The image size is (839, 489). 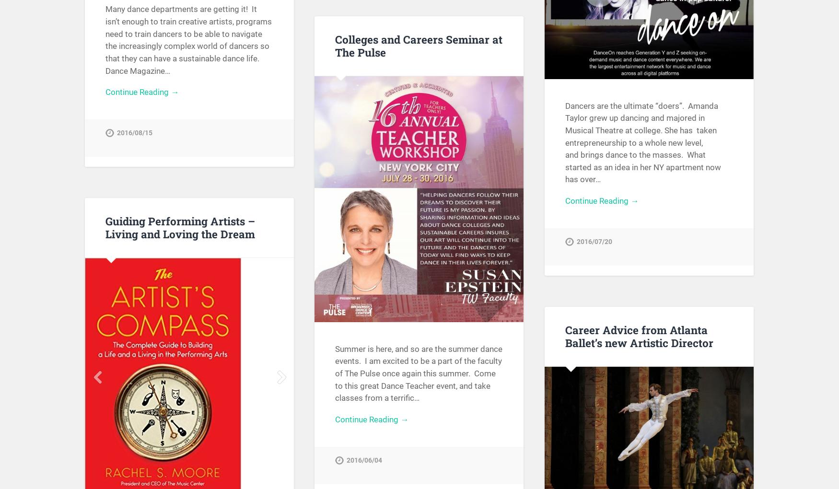 What do you see at coordinates (134, 132) in the screenshot?
I see `'2016/08/15'` at bounding box center [134, 132].